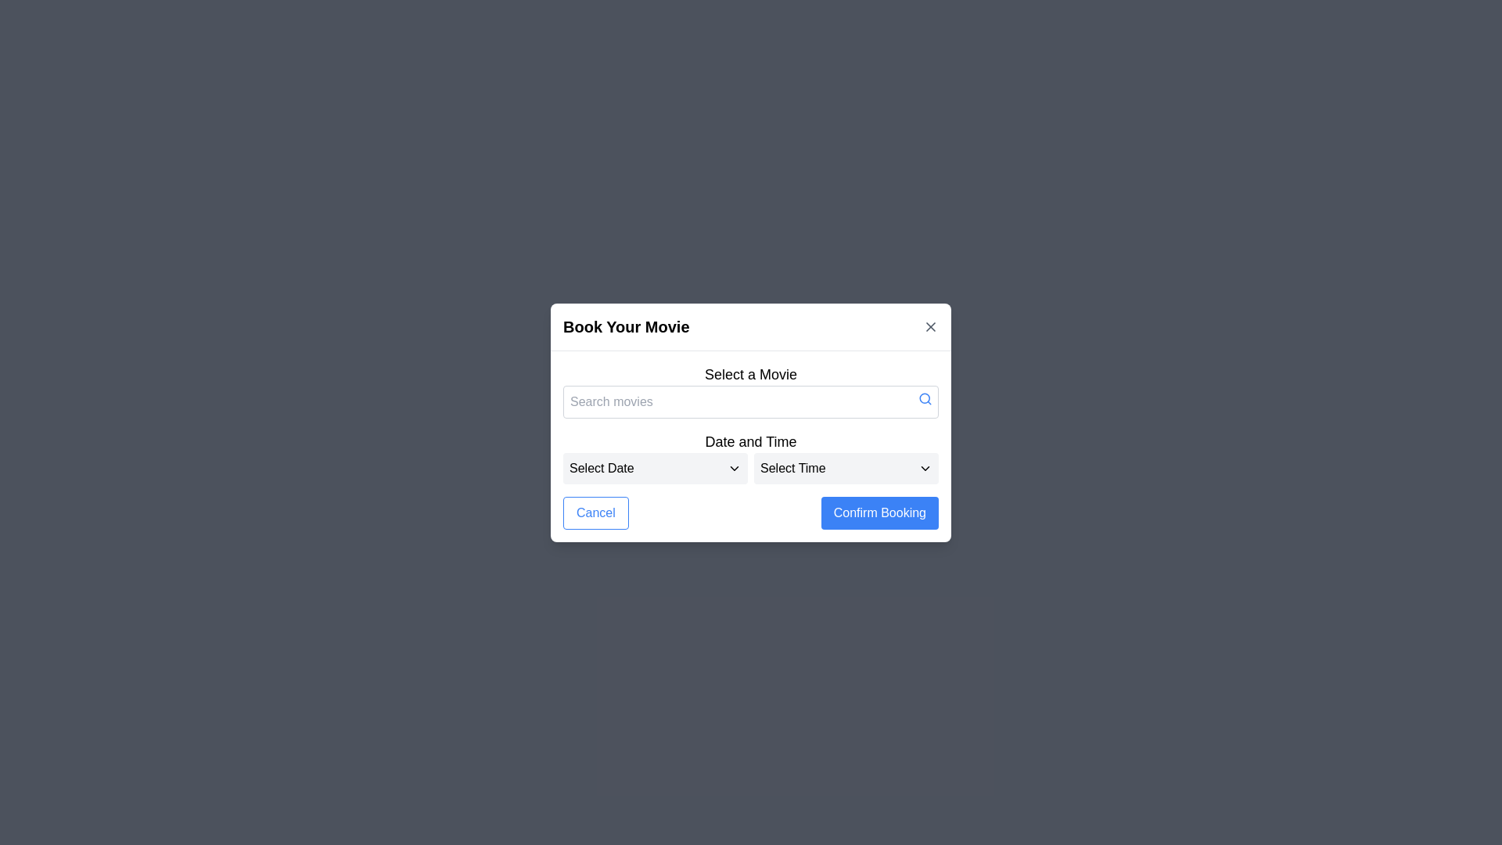 This screenshot has width=1502, height=845. What do you see at coordinates (925, 397) in the screenshot?
I see `the circular SVG element located inside the search icon at the top right corner of the 'Search movies' input field` at bounding box center [925, 397].